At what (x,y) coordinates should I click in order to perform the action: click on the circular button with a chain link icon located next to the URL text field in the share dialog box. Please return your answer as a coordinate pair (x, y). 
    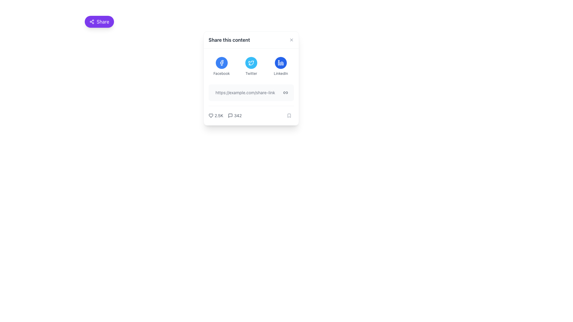
    Looking at the image, I should click on (285, 93).